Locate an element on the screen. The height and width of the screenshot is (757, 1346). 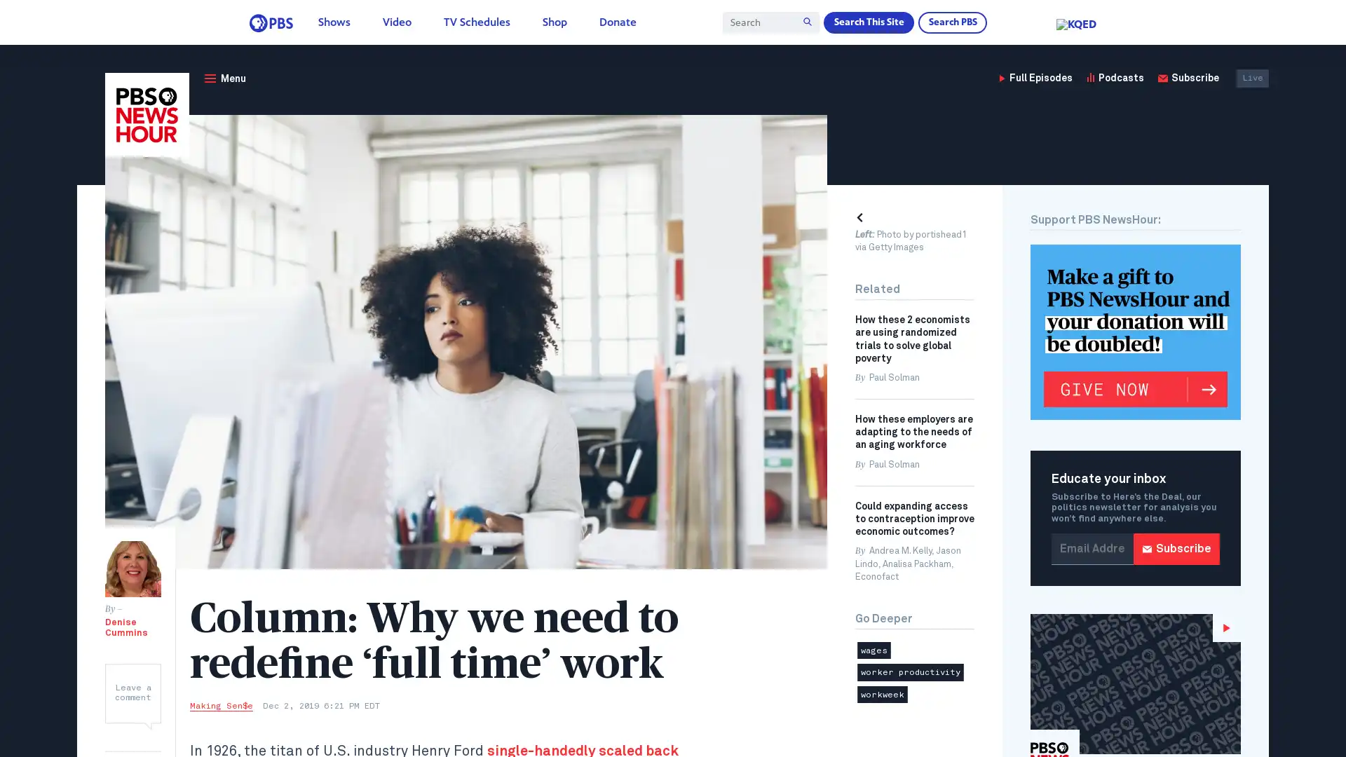
Leave a comment is located at coordinates (133, 692).